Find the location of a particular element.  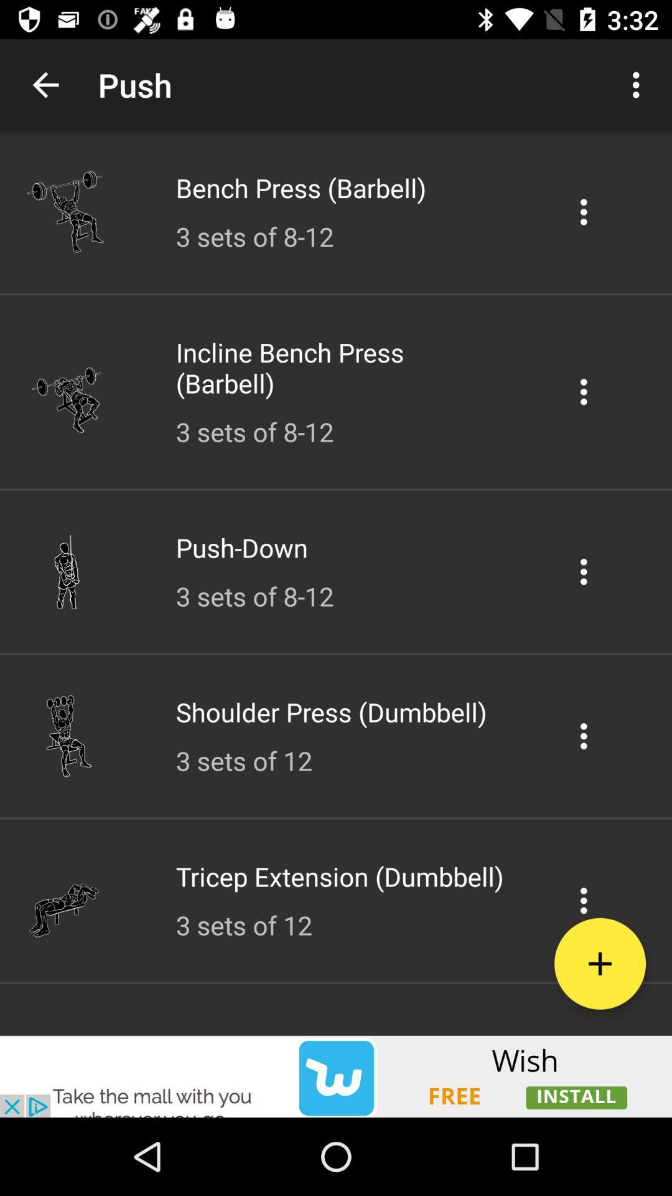

the add icon is located at coordinates (599, 963).